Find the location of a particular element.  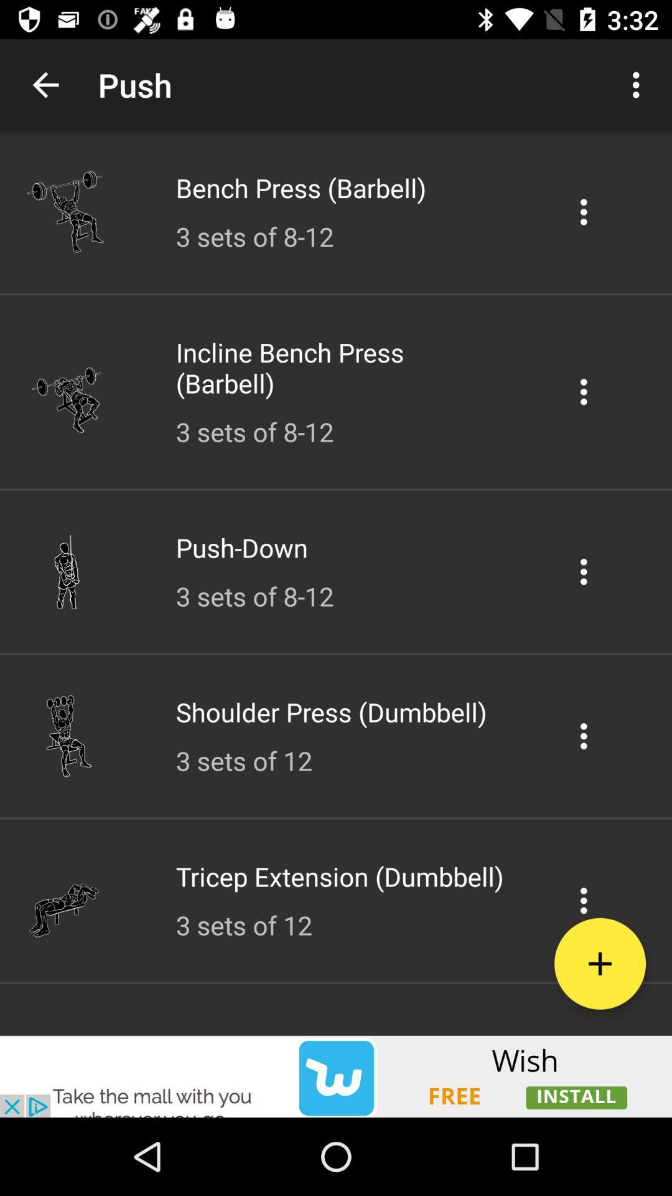

the add icon is located at coordinates (599, 963).